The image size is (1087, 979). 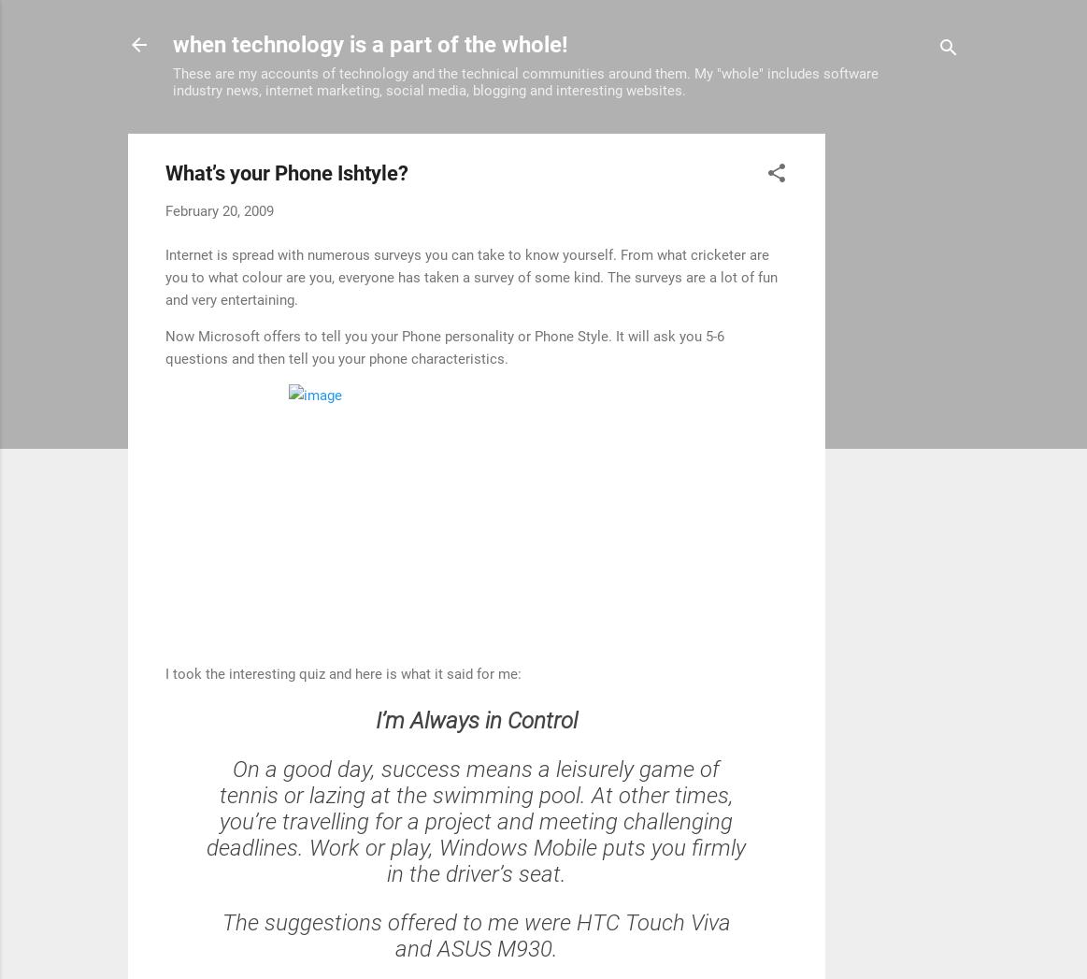 What do you see at coordinates (475, 820) in the screenshot?
I see `'On a good day, success means a leisurely game of tennis or lazing at the swimming pool. At other times, you’re travelling for a project and meeting challenging deadlines. Work or play, Windows Mobile puts you firmly in the driver’s seat.'` at bounding box center [475, 820].